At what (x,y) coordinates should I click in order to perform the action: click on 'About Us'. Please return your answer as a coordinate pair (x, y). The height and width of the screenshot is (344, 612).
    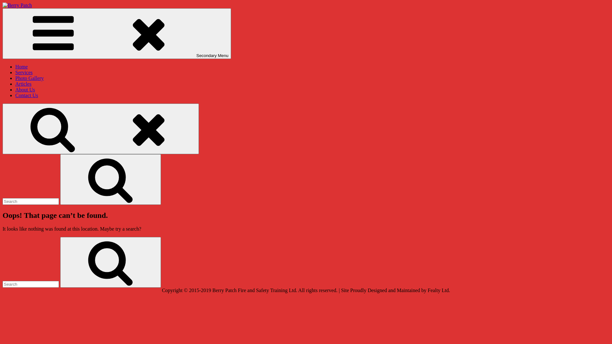
    Looking at the image, I should click on (25, 90).